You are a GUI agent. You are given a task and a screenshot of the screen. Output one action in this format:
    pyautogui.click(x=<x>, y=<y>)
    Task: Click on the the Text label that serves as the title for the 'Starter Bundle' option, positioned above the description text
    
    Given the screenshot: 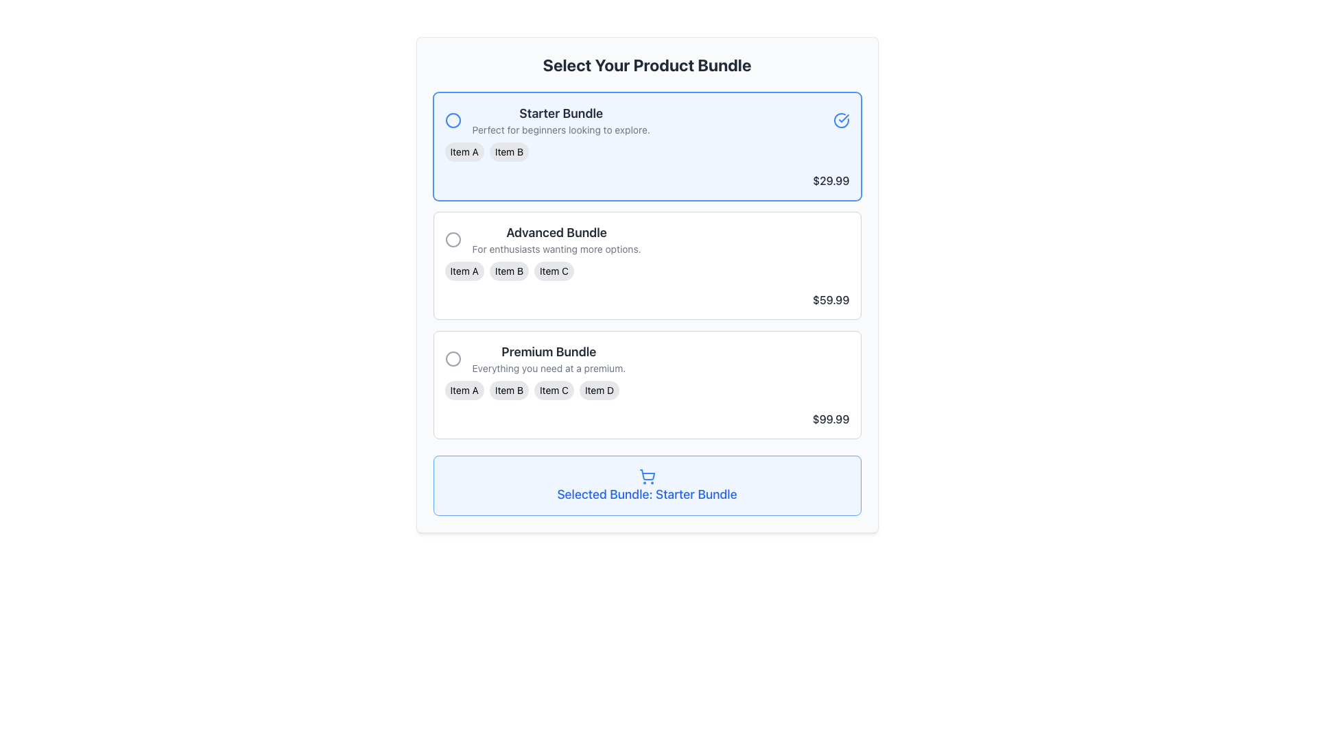 What is the action you would take?
    pyautogui.click(x=561, y=112)
    